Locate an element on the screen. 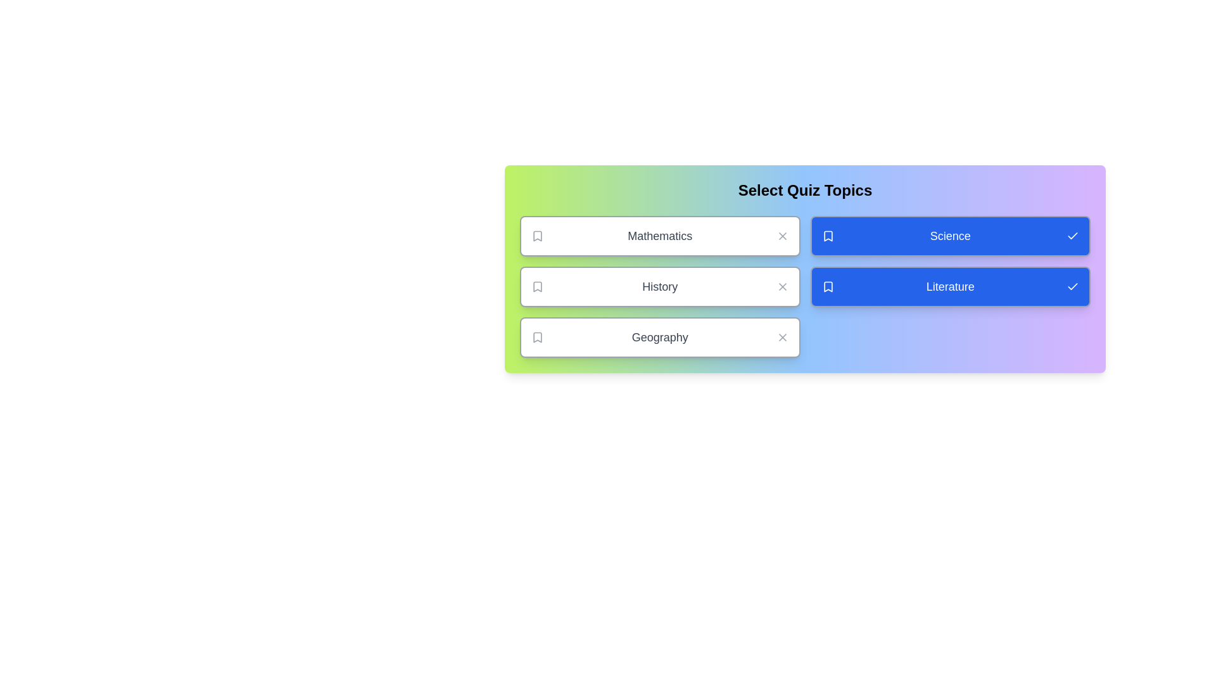 This screenshot has width=1216, height=684. the topic History by clicking on its card is located at coordinates (659, 286).